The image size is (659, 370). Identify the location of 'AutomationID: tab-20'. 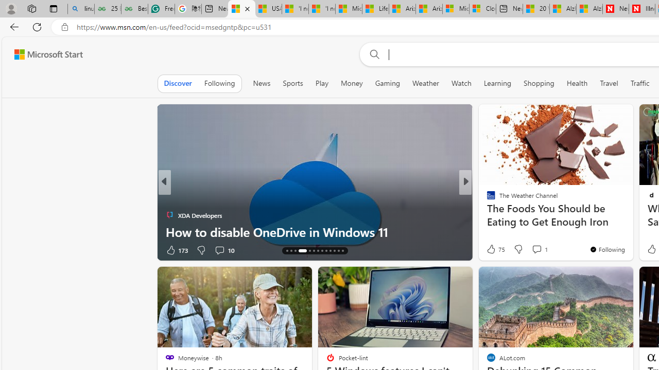
(317, 251).